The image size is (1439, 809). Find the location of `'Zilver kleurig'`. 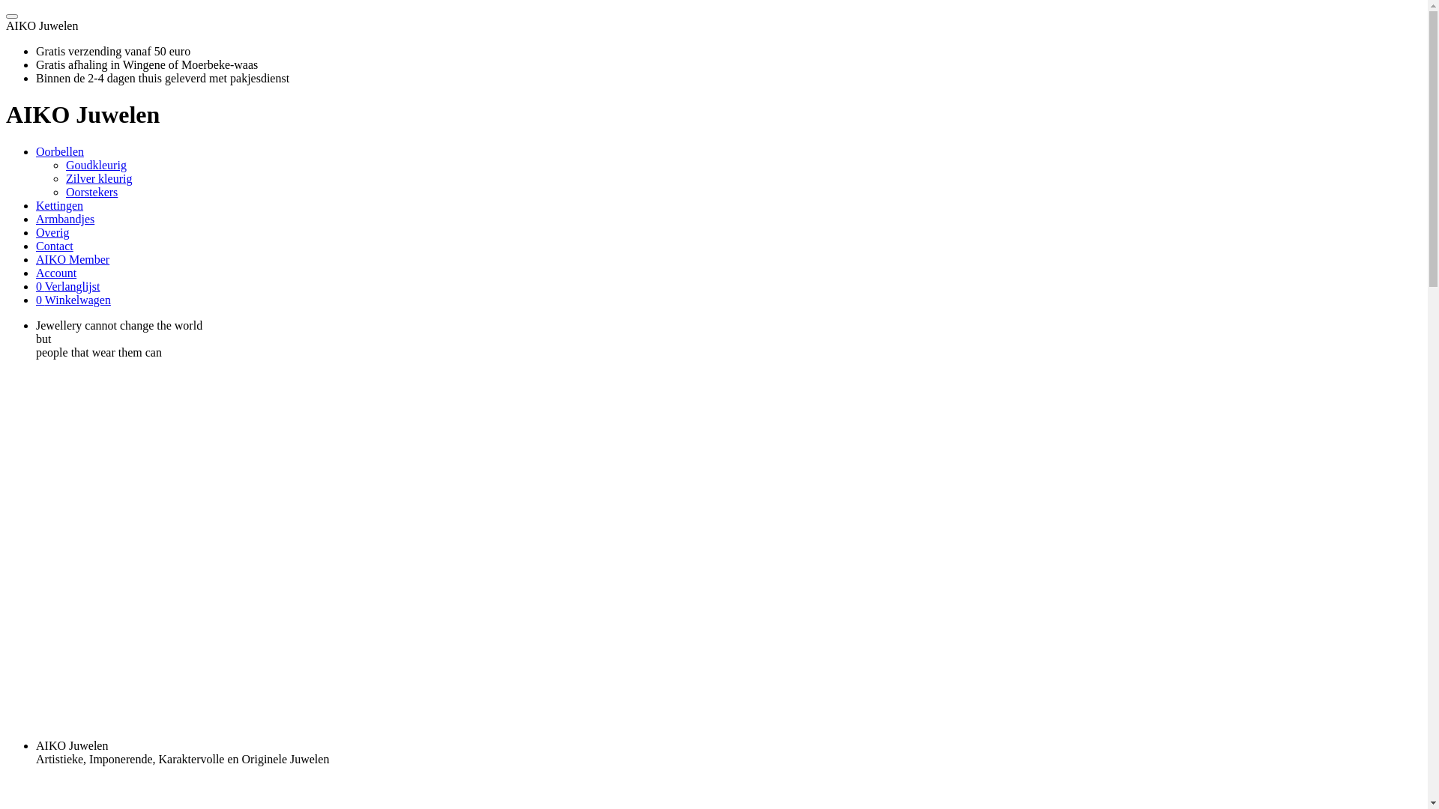

'Zilver kleurig' is located at coordinates (97, 178).